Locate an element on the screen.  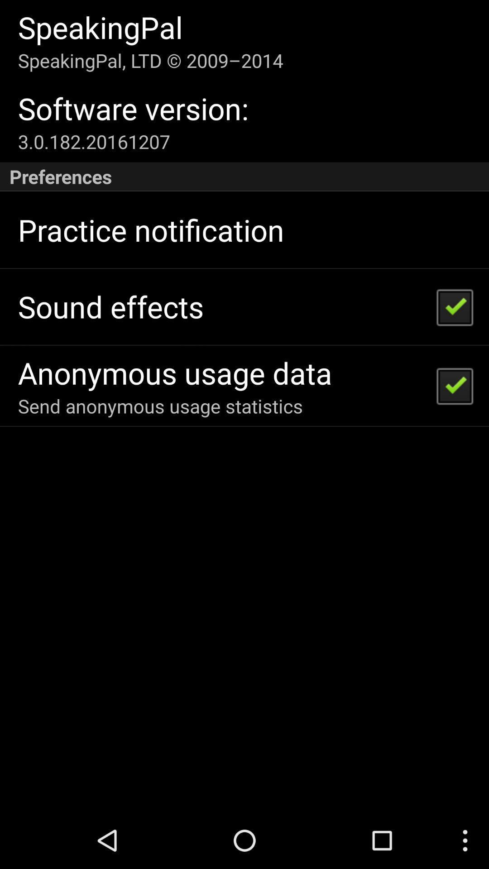
software version: is located at coordinates (133, 108).